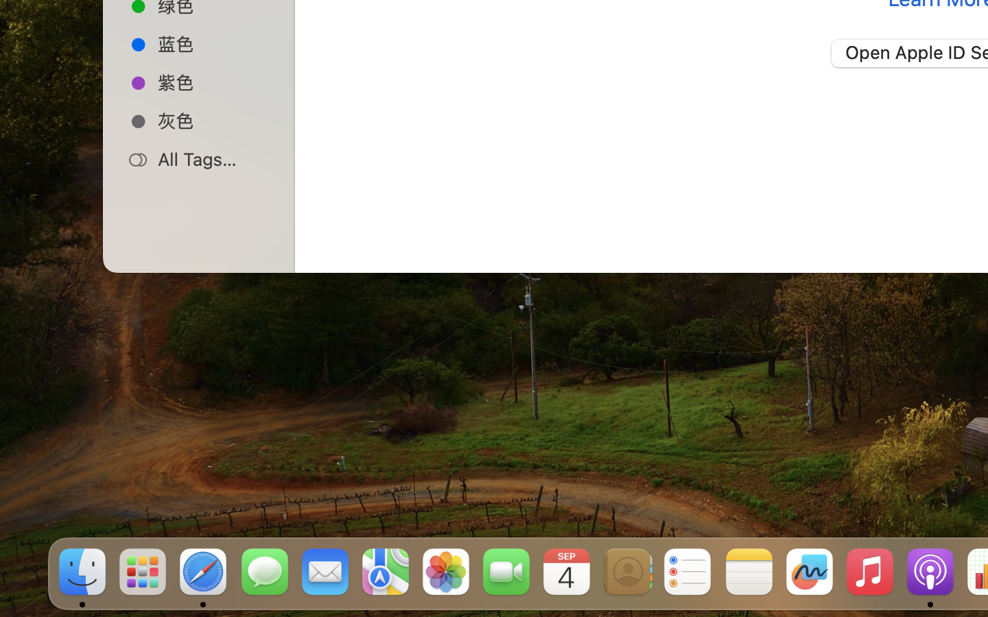  Describe the element at coordinates (213, 121) in the screenshot. I see `'灰色'` at that location.